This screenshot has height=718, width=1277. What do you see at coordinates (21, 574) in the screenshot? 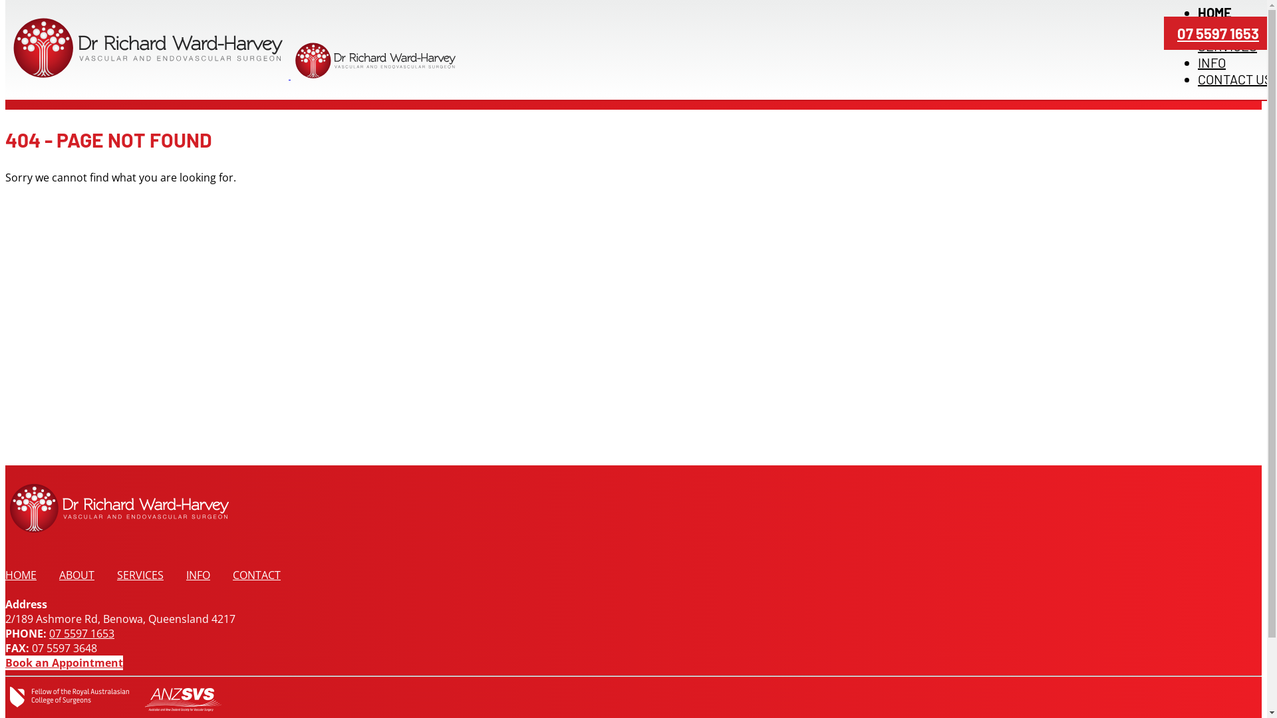
I see `'HOME'` at bounding box center [21, 574].